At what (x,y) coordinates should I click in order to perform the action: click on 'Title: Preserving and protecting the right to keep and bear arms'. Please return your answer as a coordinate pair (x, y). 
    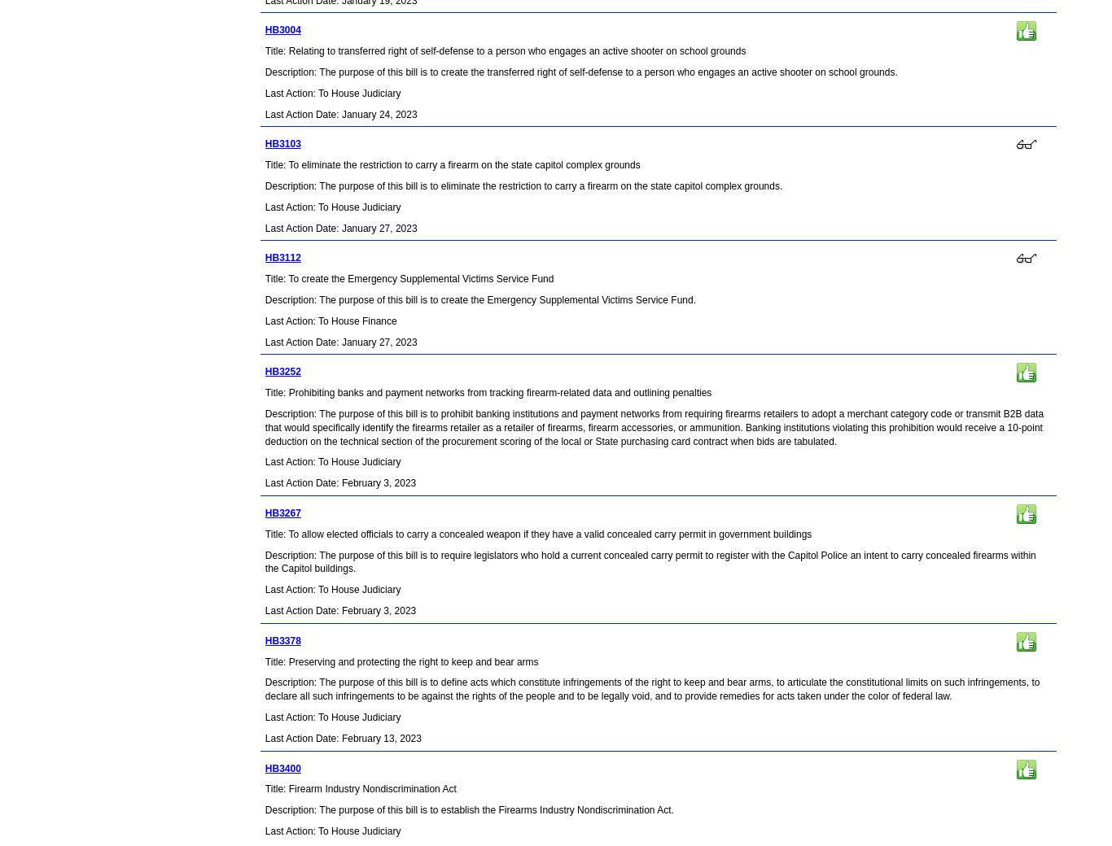
    Looking at the image, I should click on (401, 660).